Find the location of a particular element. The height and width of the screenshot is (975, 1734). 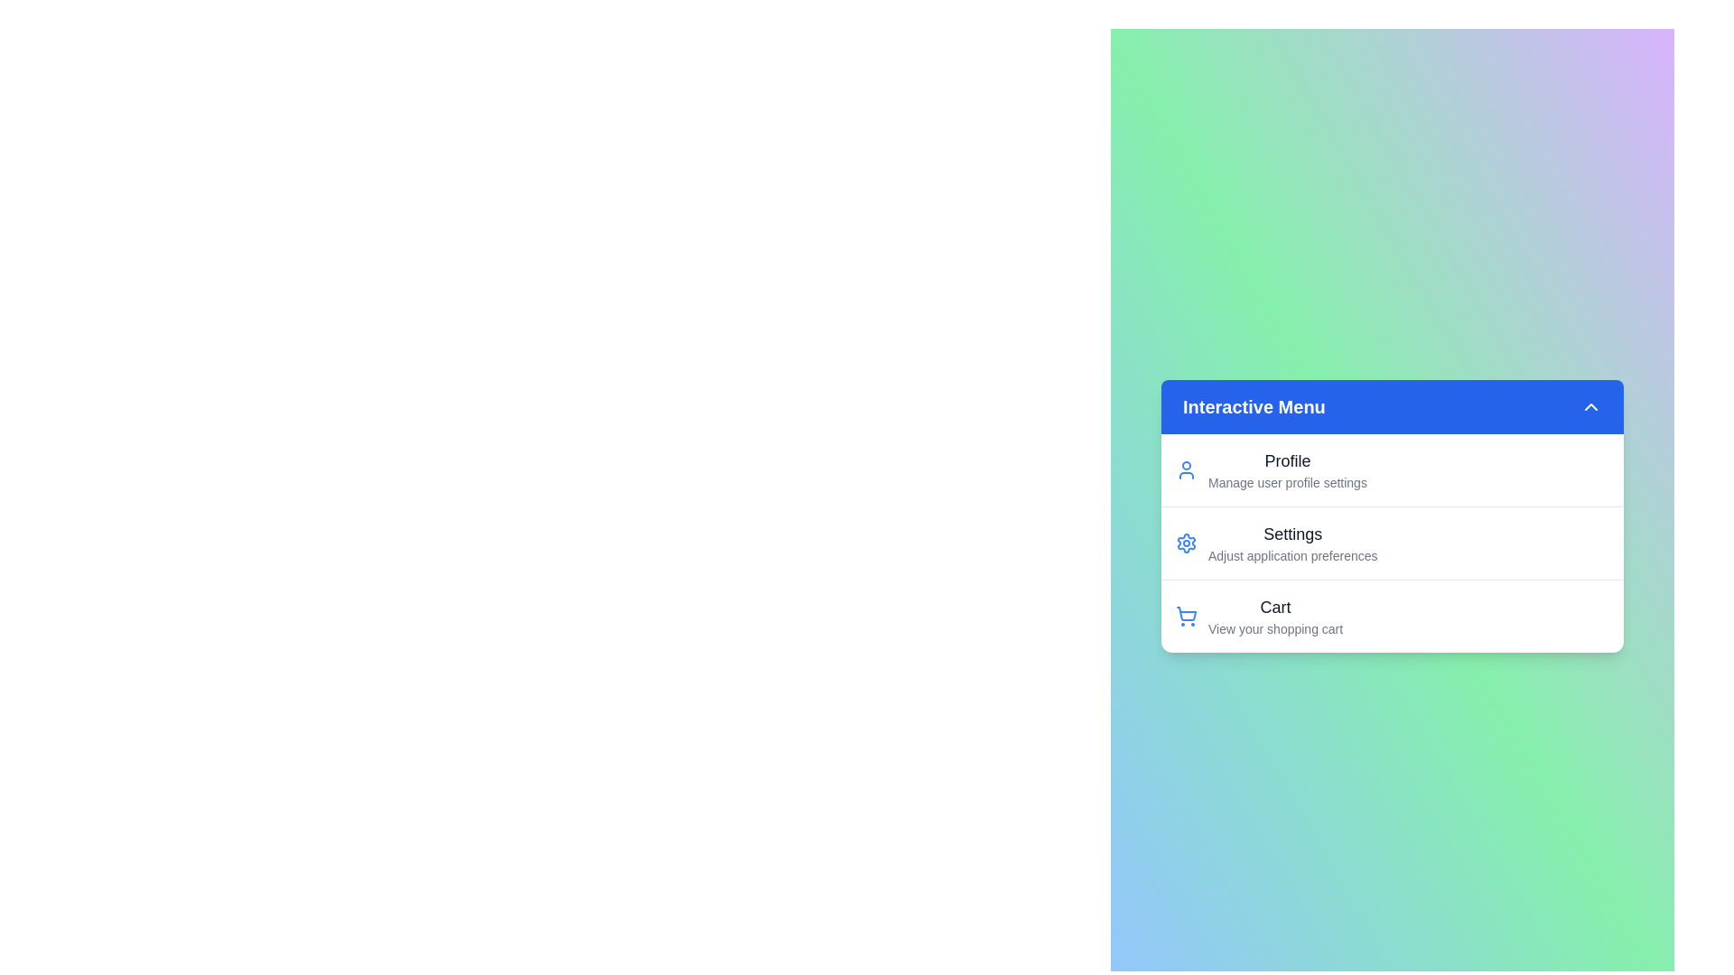

the menu item Cart to highlight it is located at coordinates (1263, 630).